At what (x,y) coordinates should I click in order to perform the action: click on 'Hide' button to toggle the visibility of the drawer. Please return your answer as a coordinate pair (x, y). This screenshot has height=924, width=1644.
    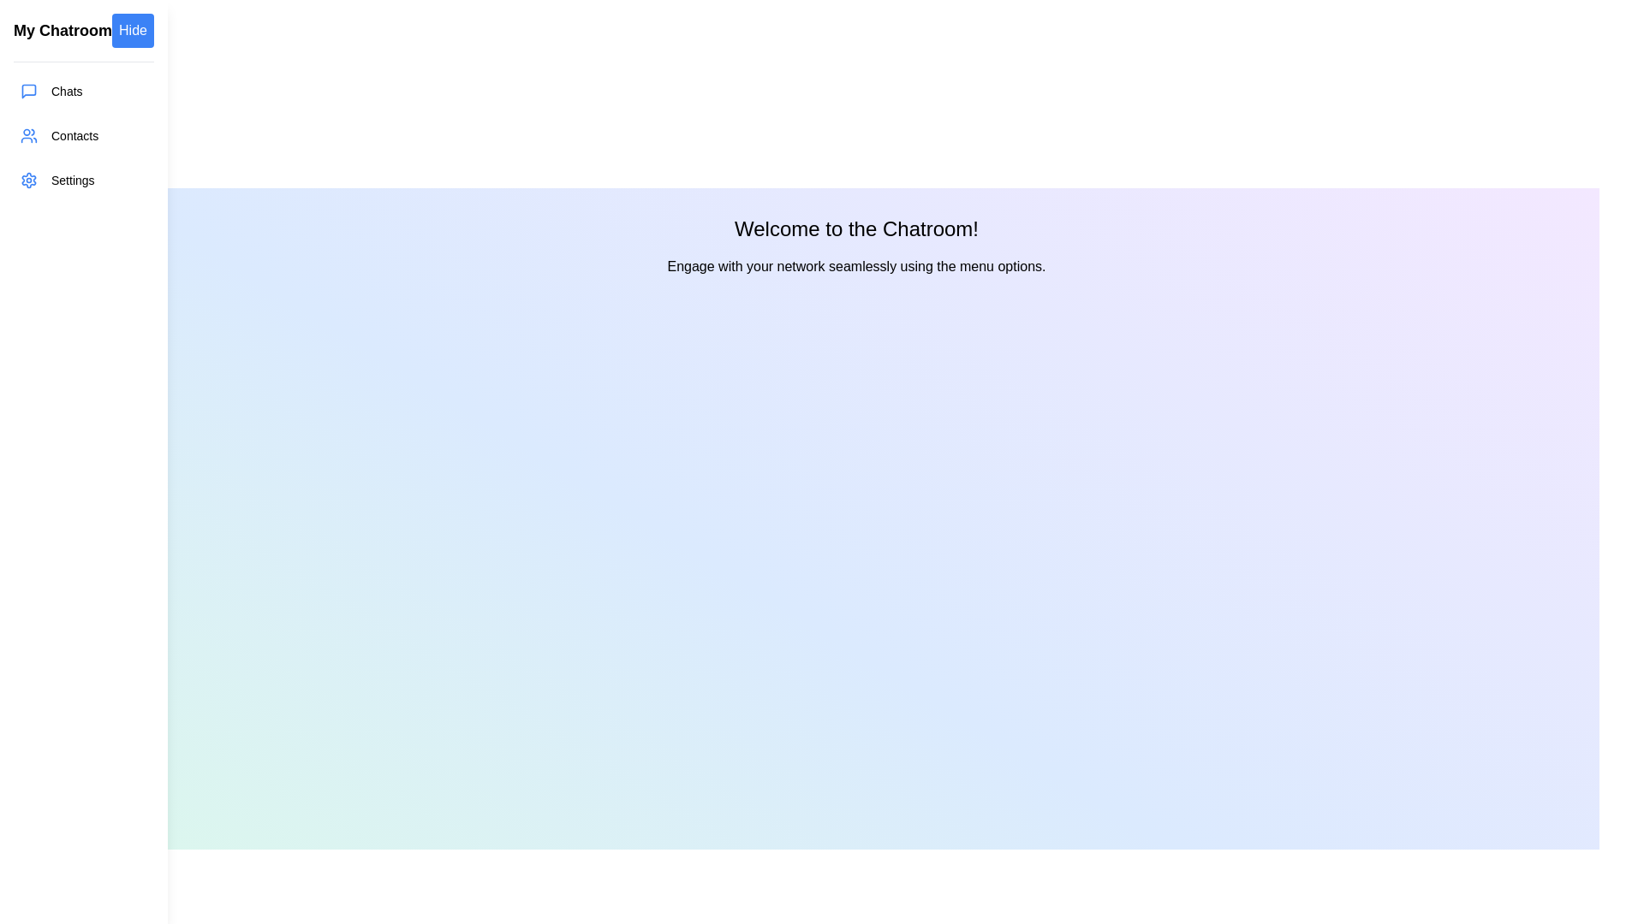
    Looking at the image, I should click on (132, 30).